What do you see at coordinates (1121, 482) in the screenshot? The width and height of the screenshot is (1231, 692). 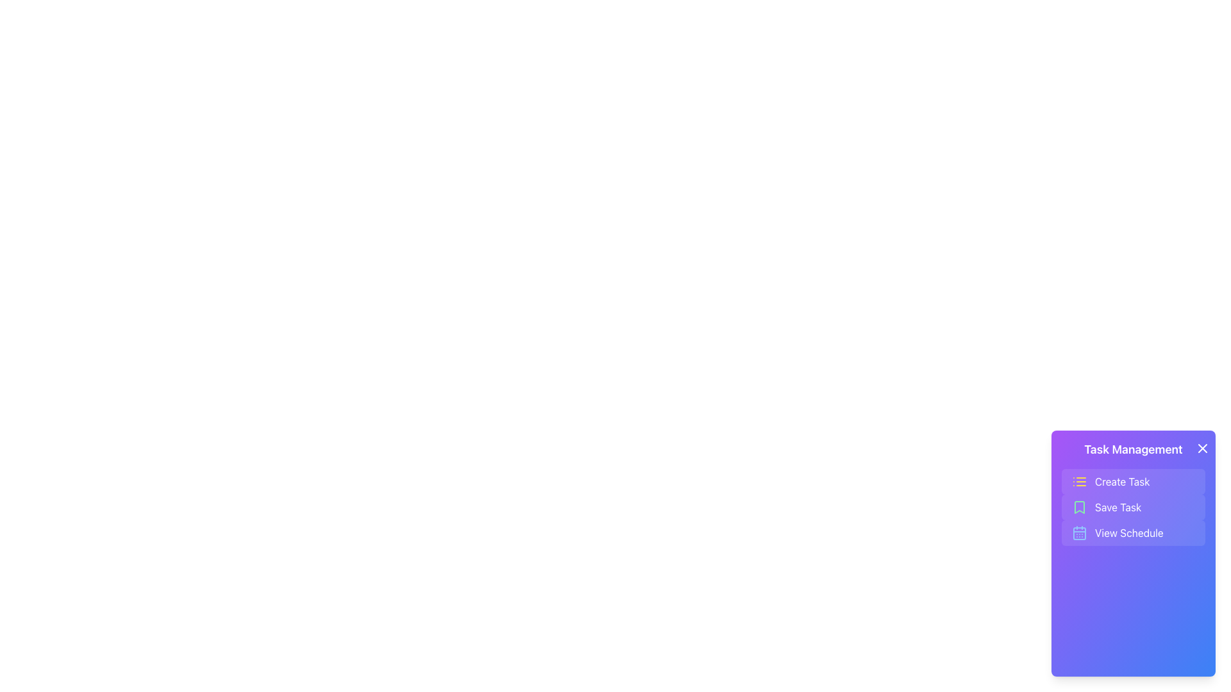 I see `the 'Create Task' button located in the 'Task Management' panel, which is the first item in the vertical list of options` at bounding box center [1121, 482].